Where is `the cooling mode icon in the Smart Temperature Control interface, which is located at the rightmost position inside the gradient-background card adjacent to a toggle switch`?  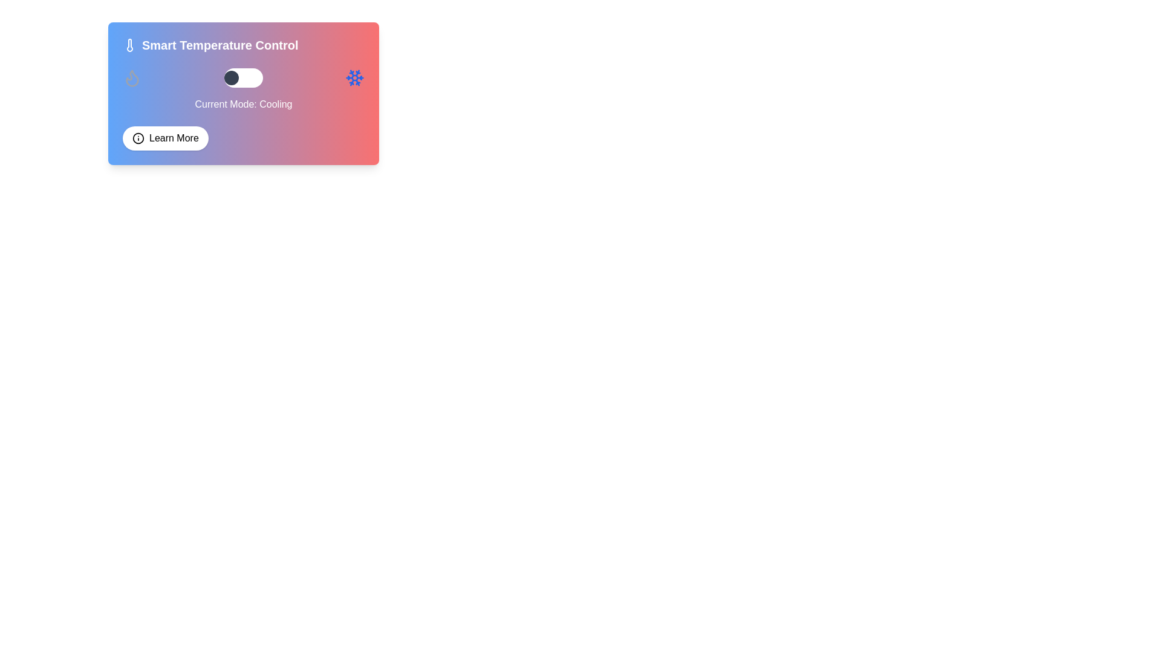
the cooling mode icon in the Smart Temperature Control interface, which is located at the rightmost position inside the gradient-background card adjacent to a toggle switch is located at coordinates (354, 77).